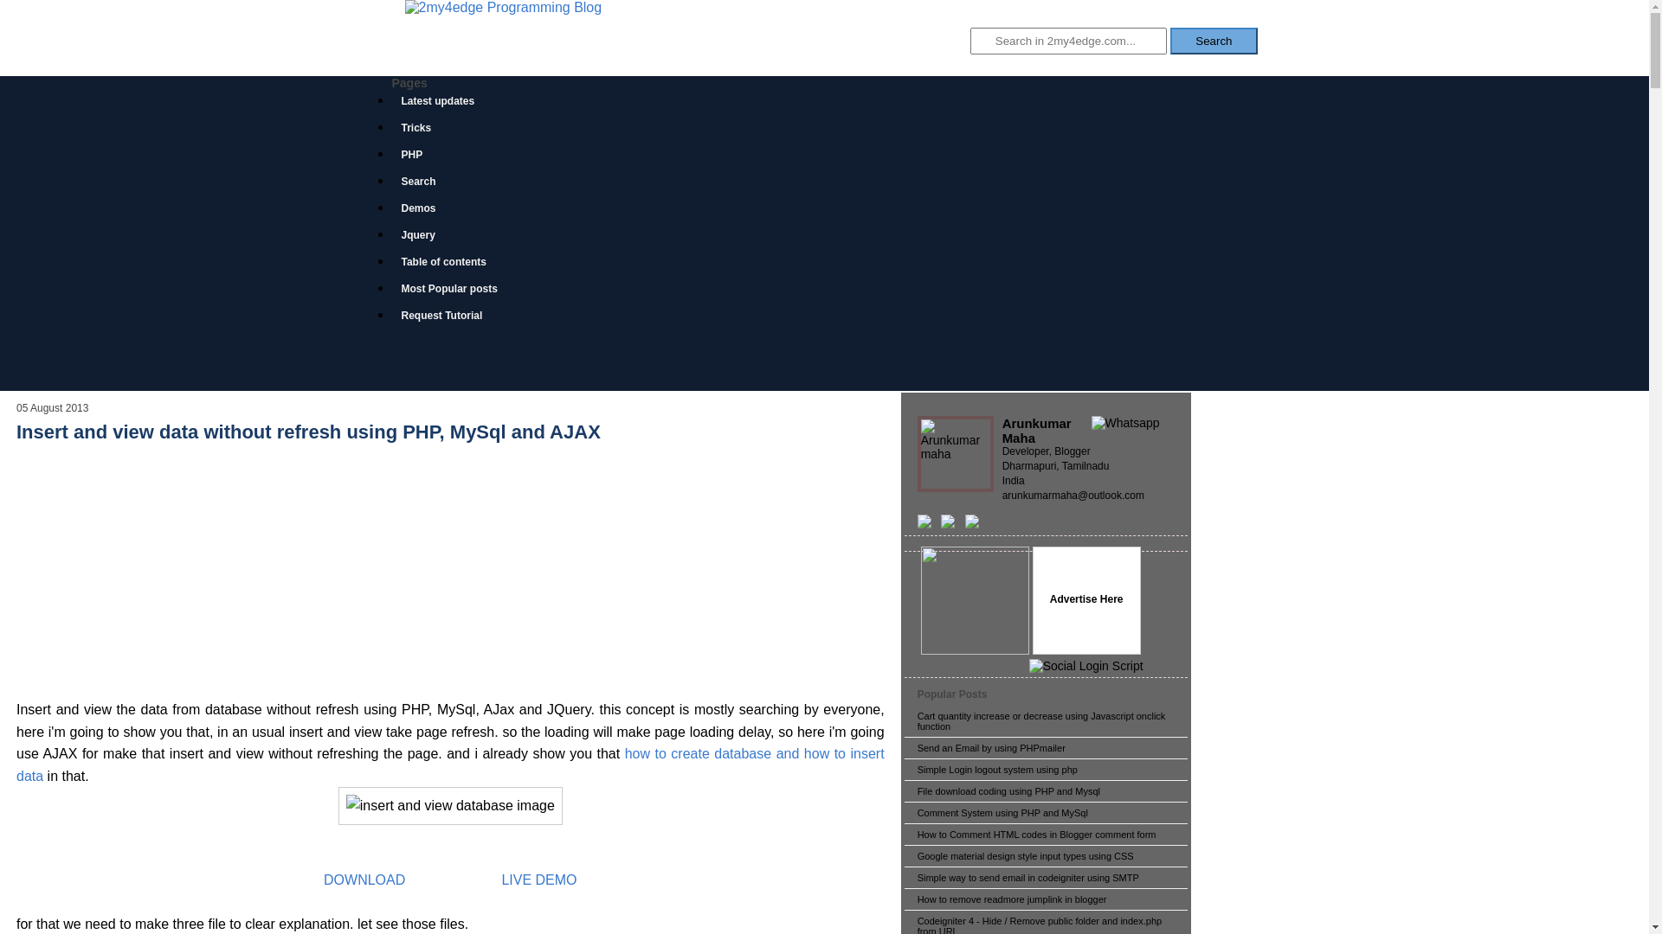 The image size is (1662, 934). I want to click on 'Google material design style input types using CSS', so click(1026, 856).